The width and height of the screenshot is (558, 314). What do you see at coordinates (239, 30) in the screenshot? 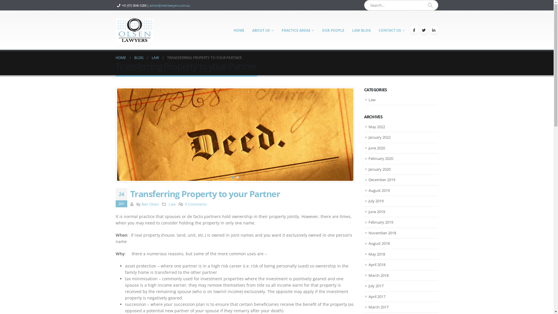
I see `'HOME'` at bounding box center [239, 30].